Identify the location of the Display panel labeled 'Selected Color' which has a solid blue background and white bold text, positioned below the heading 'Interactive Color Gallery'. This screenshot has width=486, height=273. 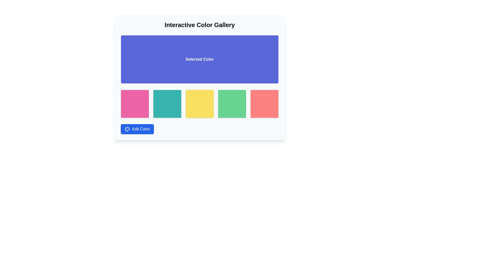
(199, 59).